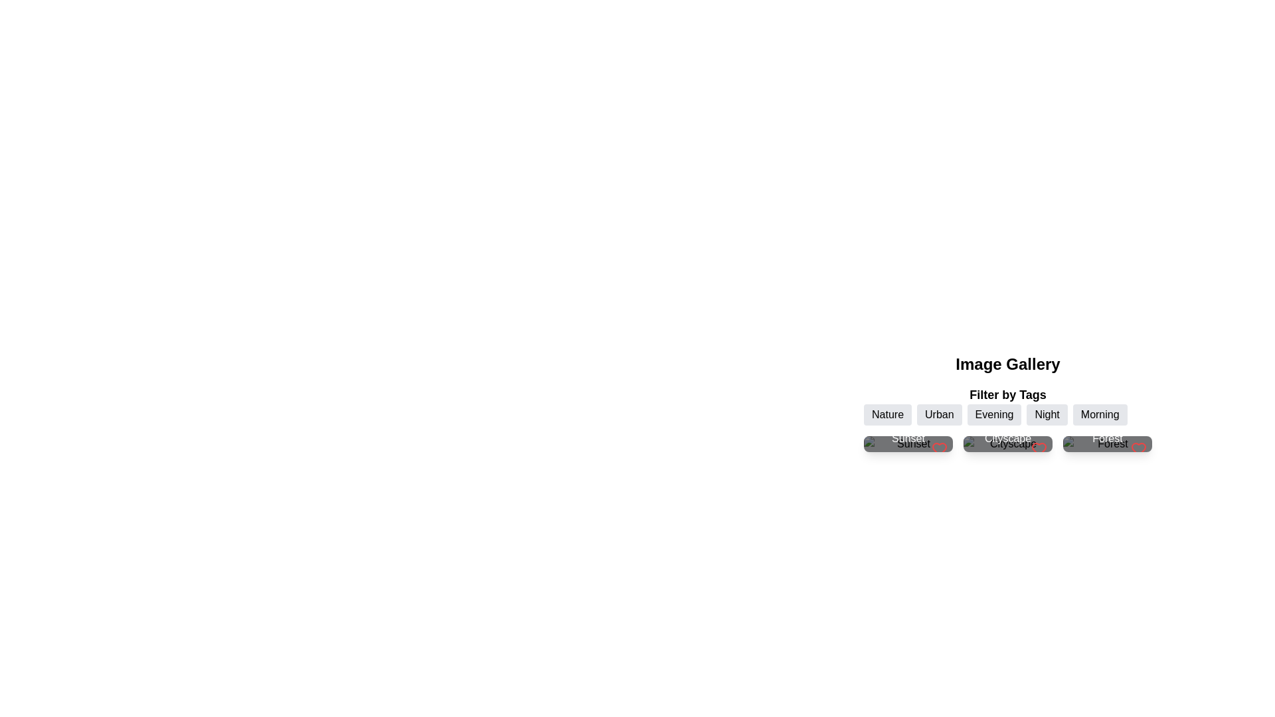  I want to click on the Text Label that provides descriptive information ('Sunset') about the image, located at the bottom of the leftmost image tile, so click(908, 438).